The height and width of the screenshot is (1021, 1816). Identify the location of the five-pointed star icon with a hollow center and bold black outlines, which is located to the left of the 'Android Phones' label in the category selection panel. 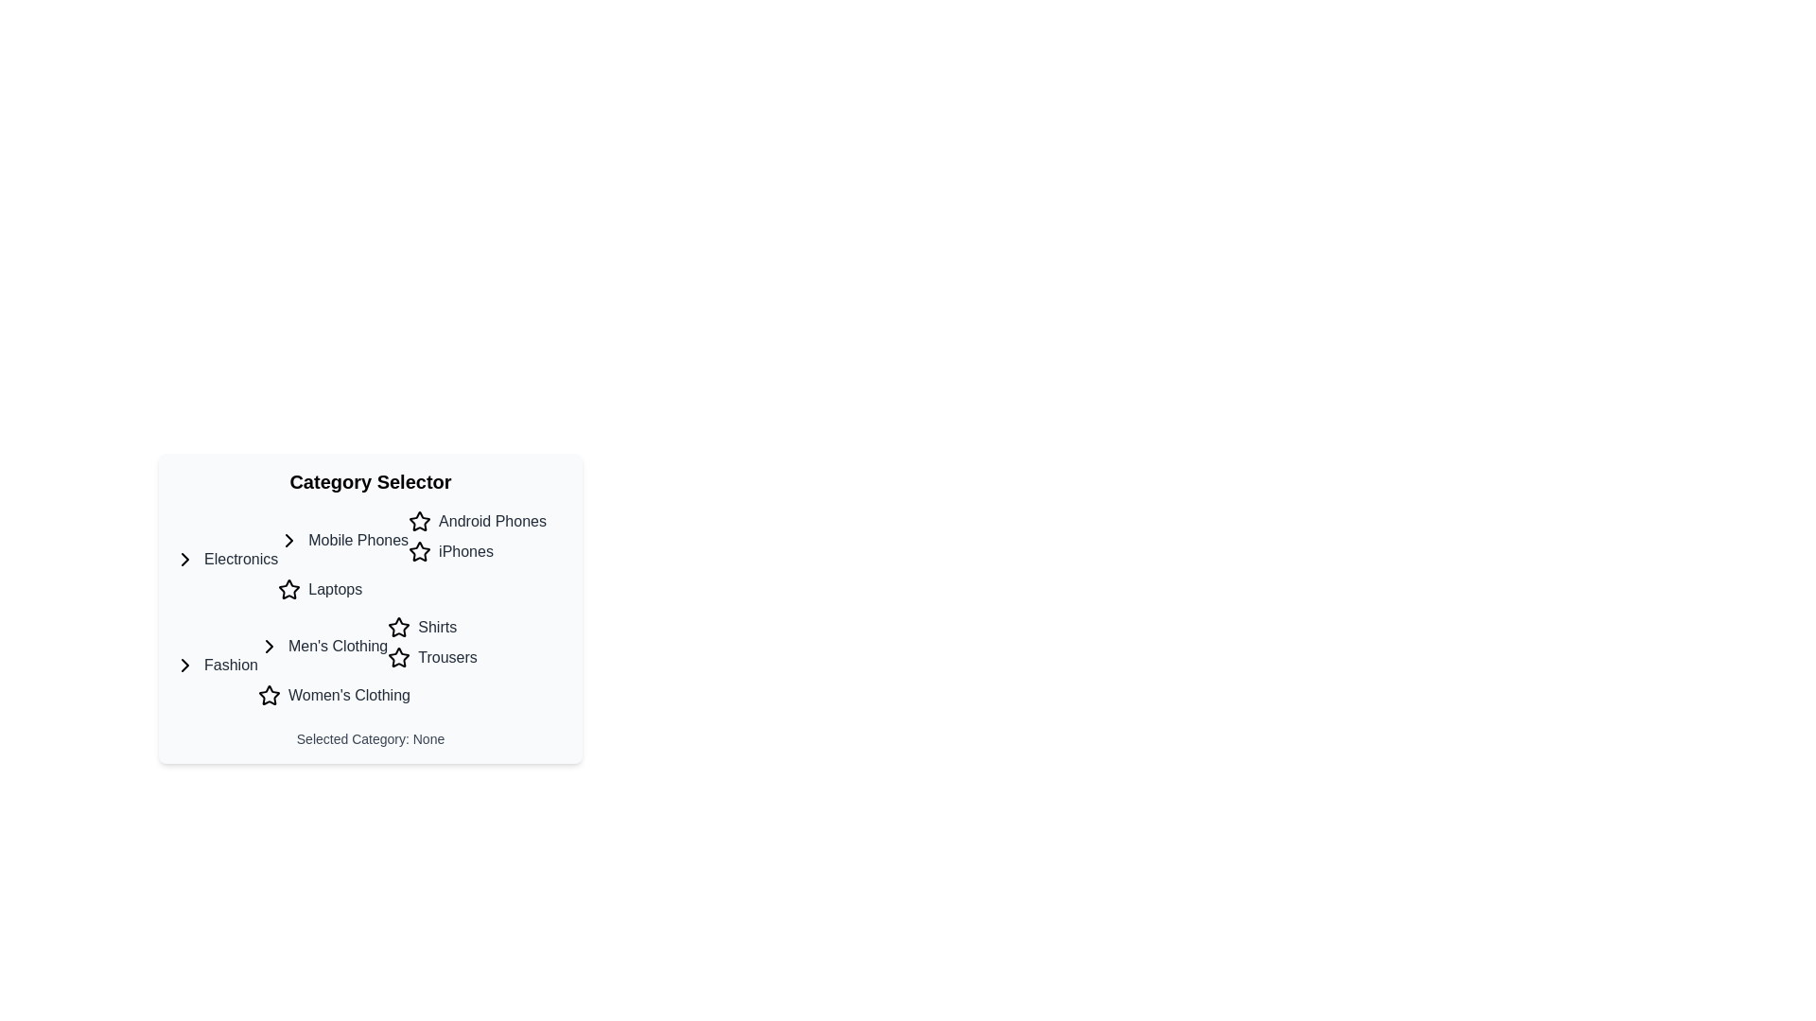
(419, 521).